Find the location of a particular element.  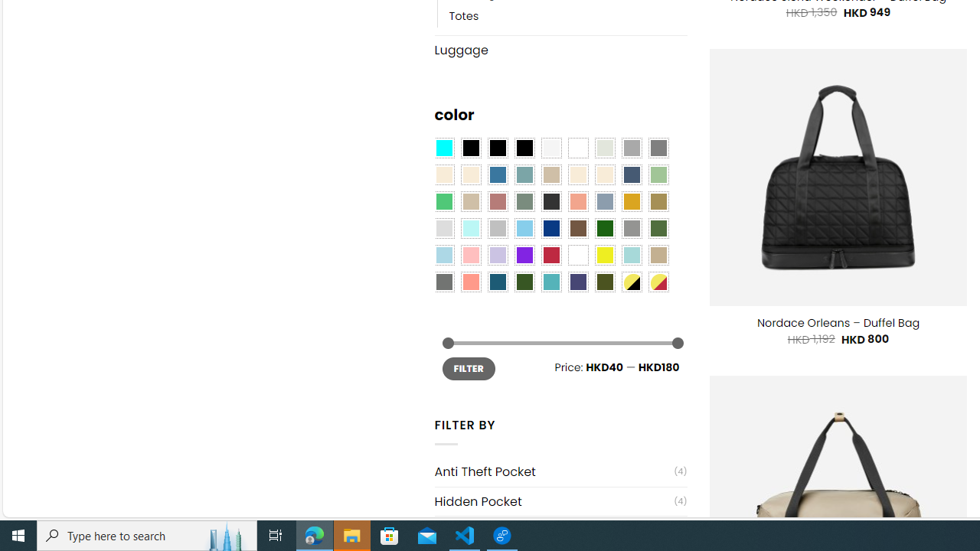

'Luggage' is located at coordinates (560, 48).